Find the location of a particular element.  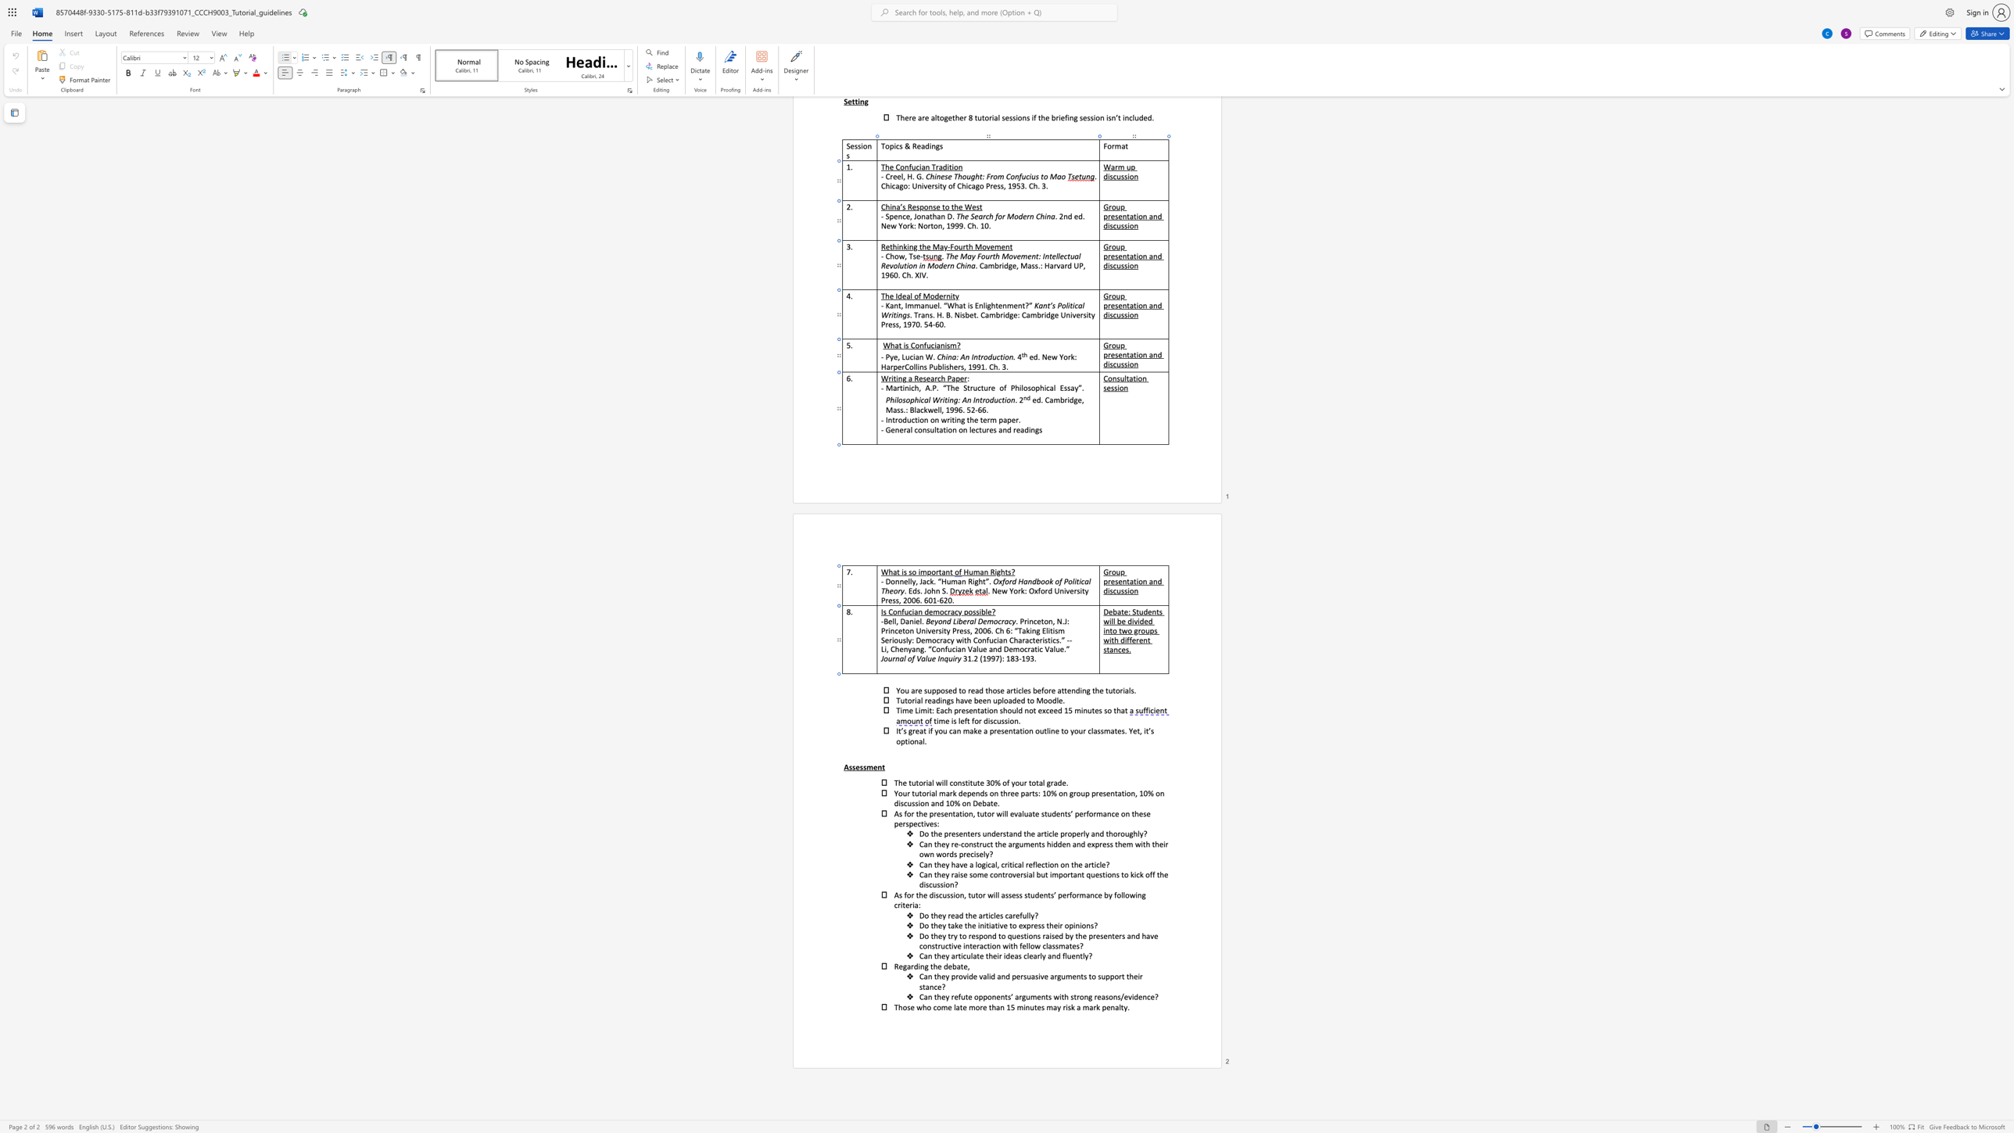

the 1th character "e" in the text is located at coordinates (944, 995).